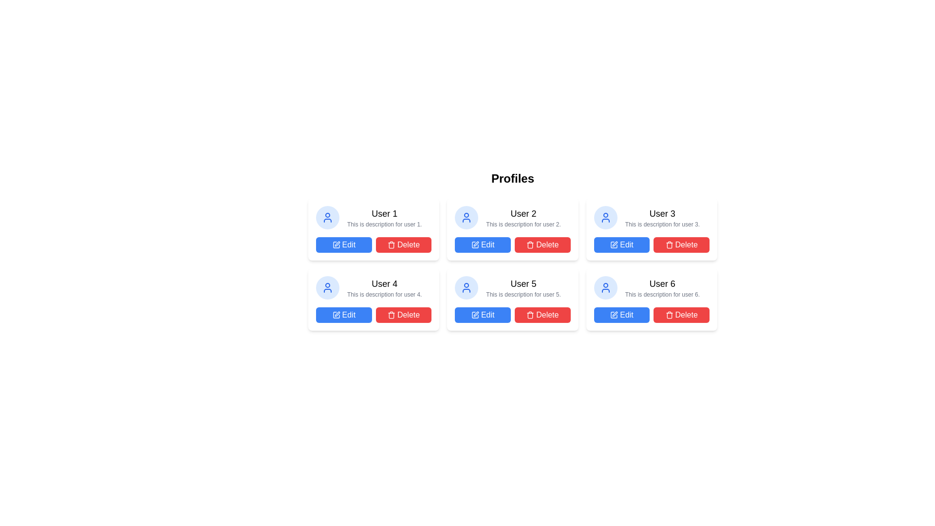  What do you see at coordinates (512, 217) in the screenshot?
I see `the Profile card element that contains user details, positioned in the second slot of the top row, between 'User 1' and 'User 3'` at bounding box center [512, 217].